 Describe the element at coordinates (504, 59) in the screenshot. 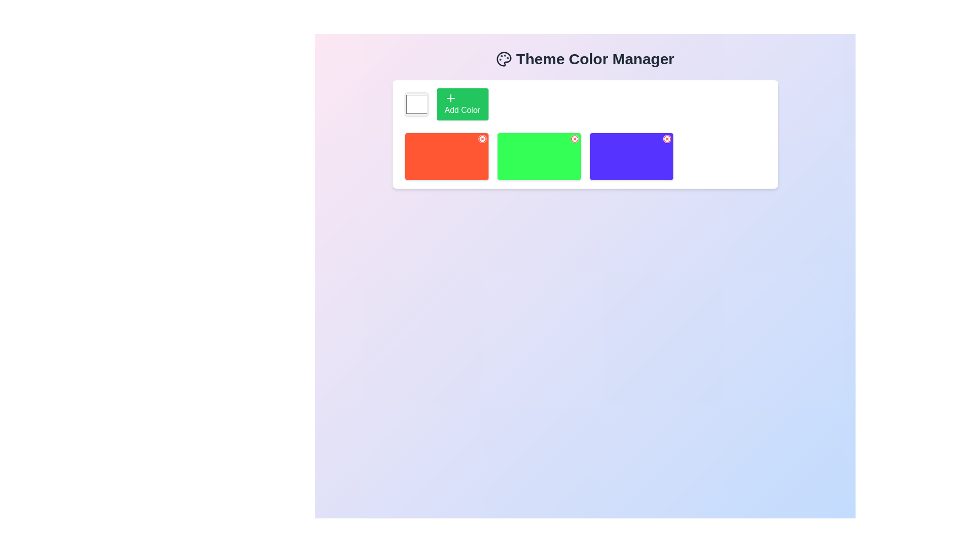

I see `the decorative icon representing the theme management aspect of the interface, located above the main components near the title 'Theme Color Manager'` at that location.